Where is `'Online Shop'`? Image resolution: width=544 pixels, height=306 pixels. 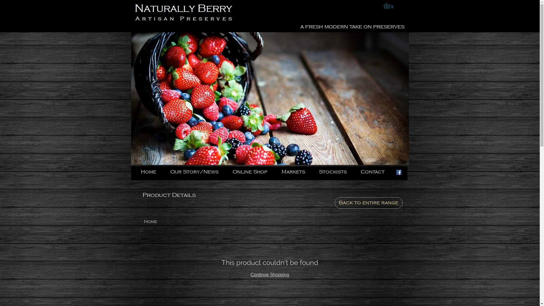 'Online Shop' is located at coordinates (252, 171).